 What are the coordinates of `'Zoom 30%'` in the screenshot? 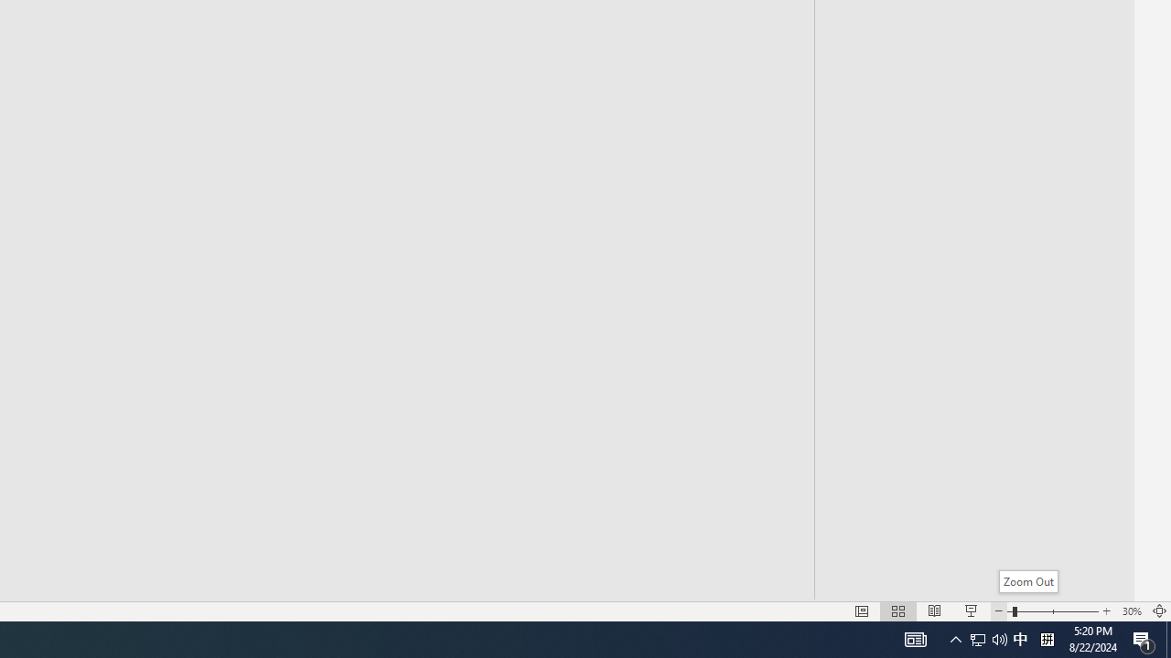 It's located at (1131, 611).